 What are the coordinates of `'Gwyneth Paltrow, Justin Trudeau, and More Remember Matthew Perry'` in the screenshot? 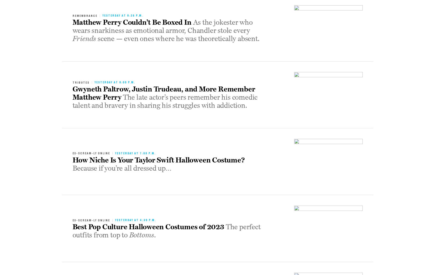 It's located at (164, 93).